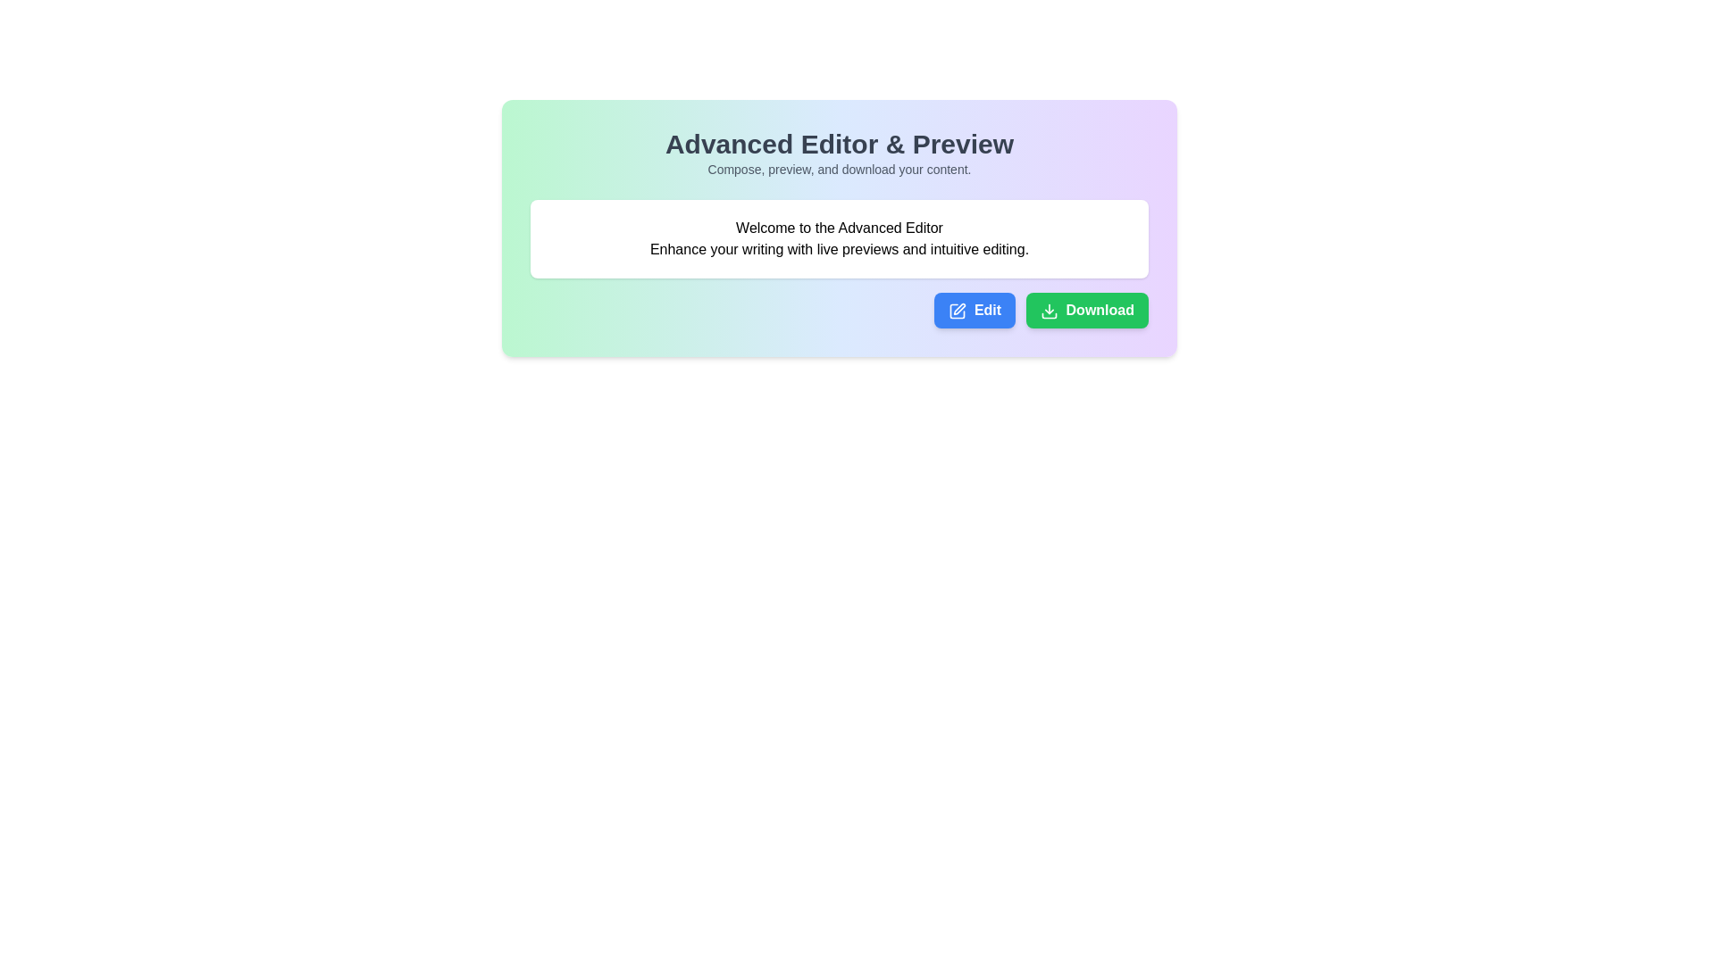  Describe the element at coordinates (839, 250) in the screenshot. I see `the static text block that serves as a subtitle, located immediately below the 'Welcome to the Advanced Editor' text, centered in the interface` at that location.